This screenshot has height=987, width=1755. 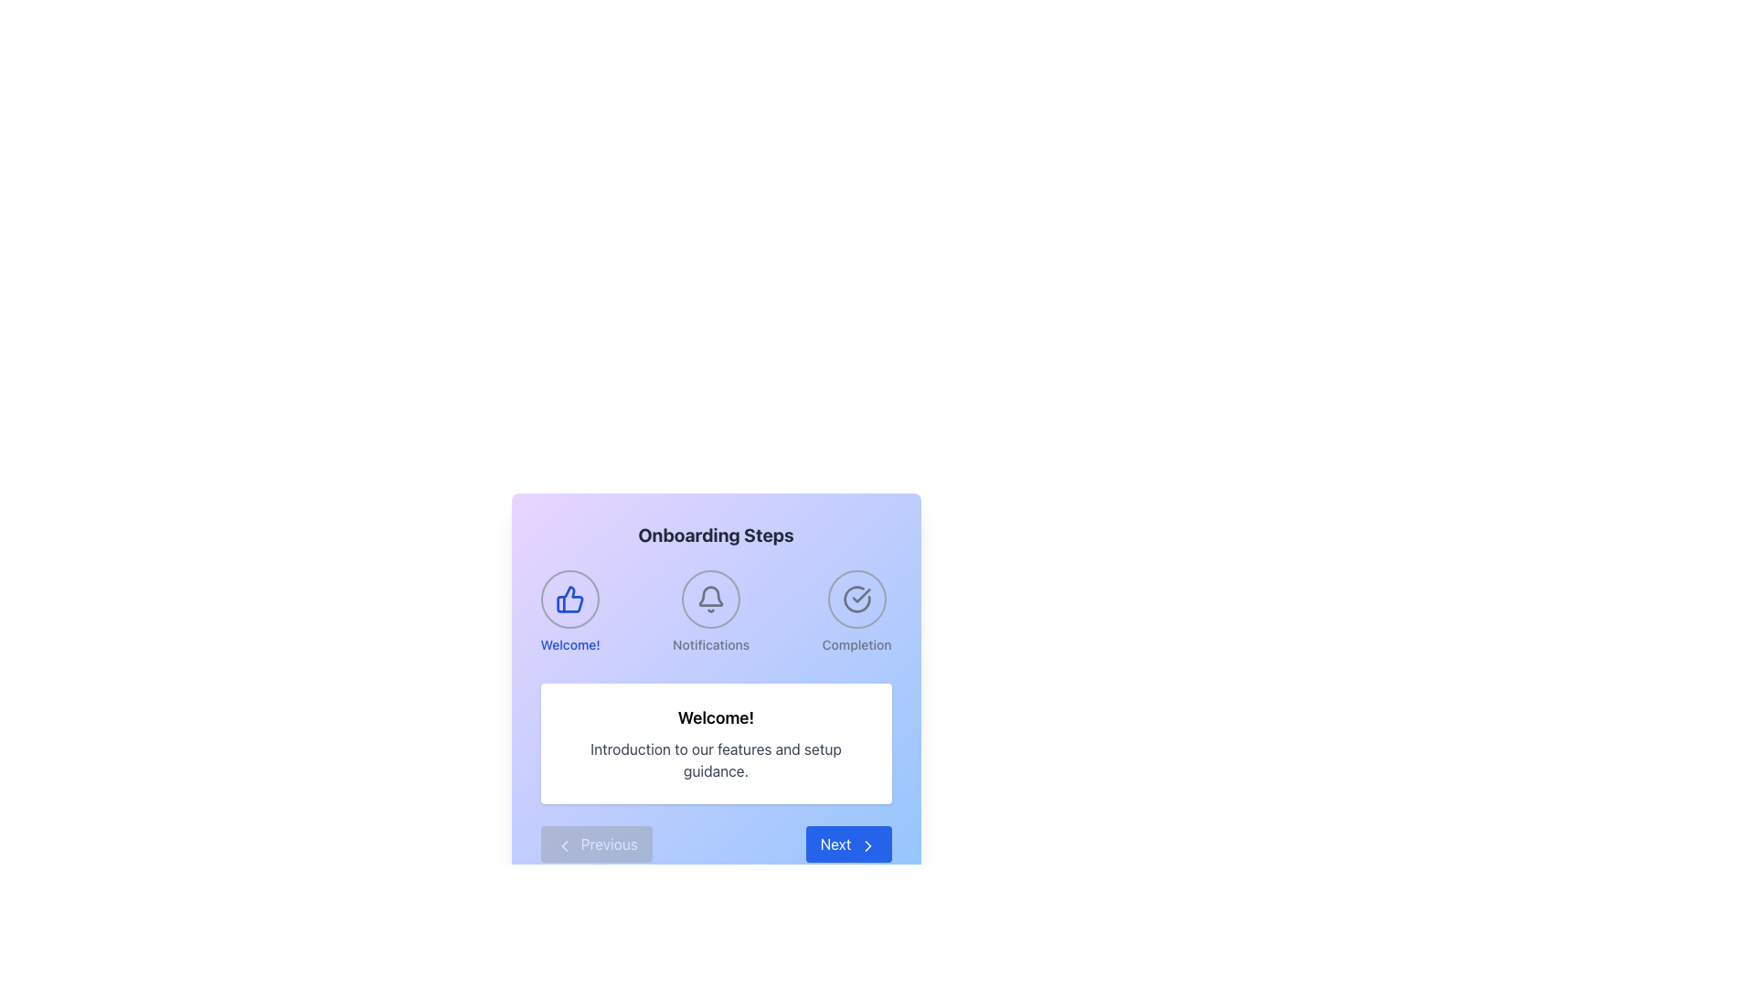 What do you see at coordinates (710, 643) in the screenshot?
I see `the 'Notifications' text label which is a small-sized, bold, center-aligned label located beneath the bell icon in the notifications section` at bounding box center [710, 643].